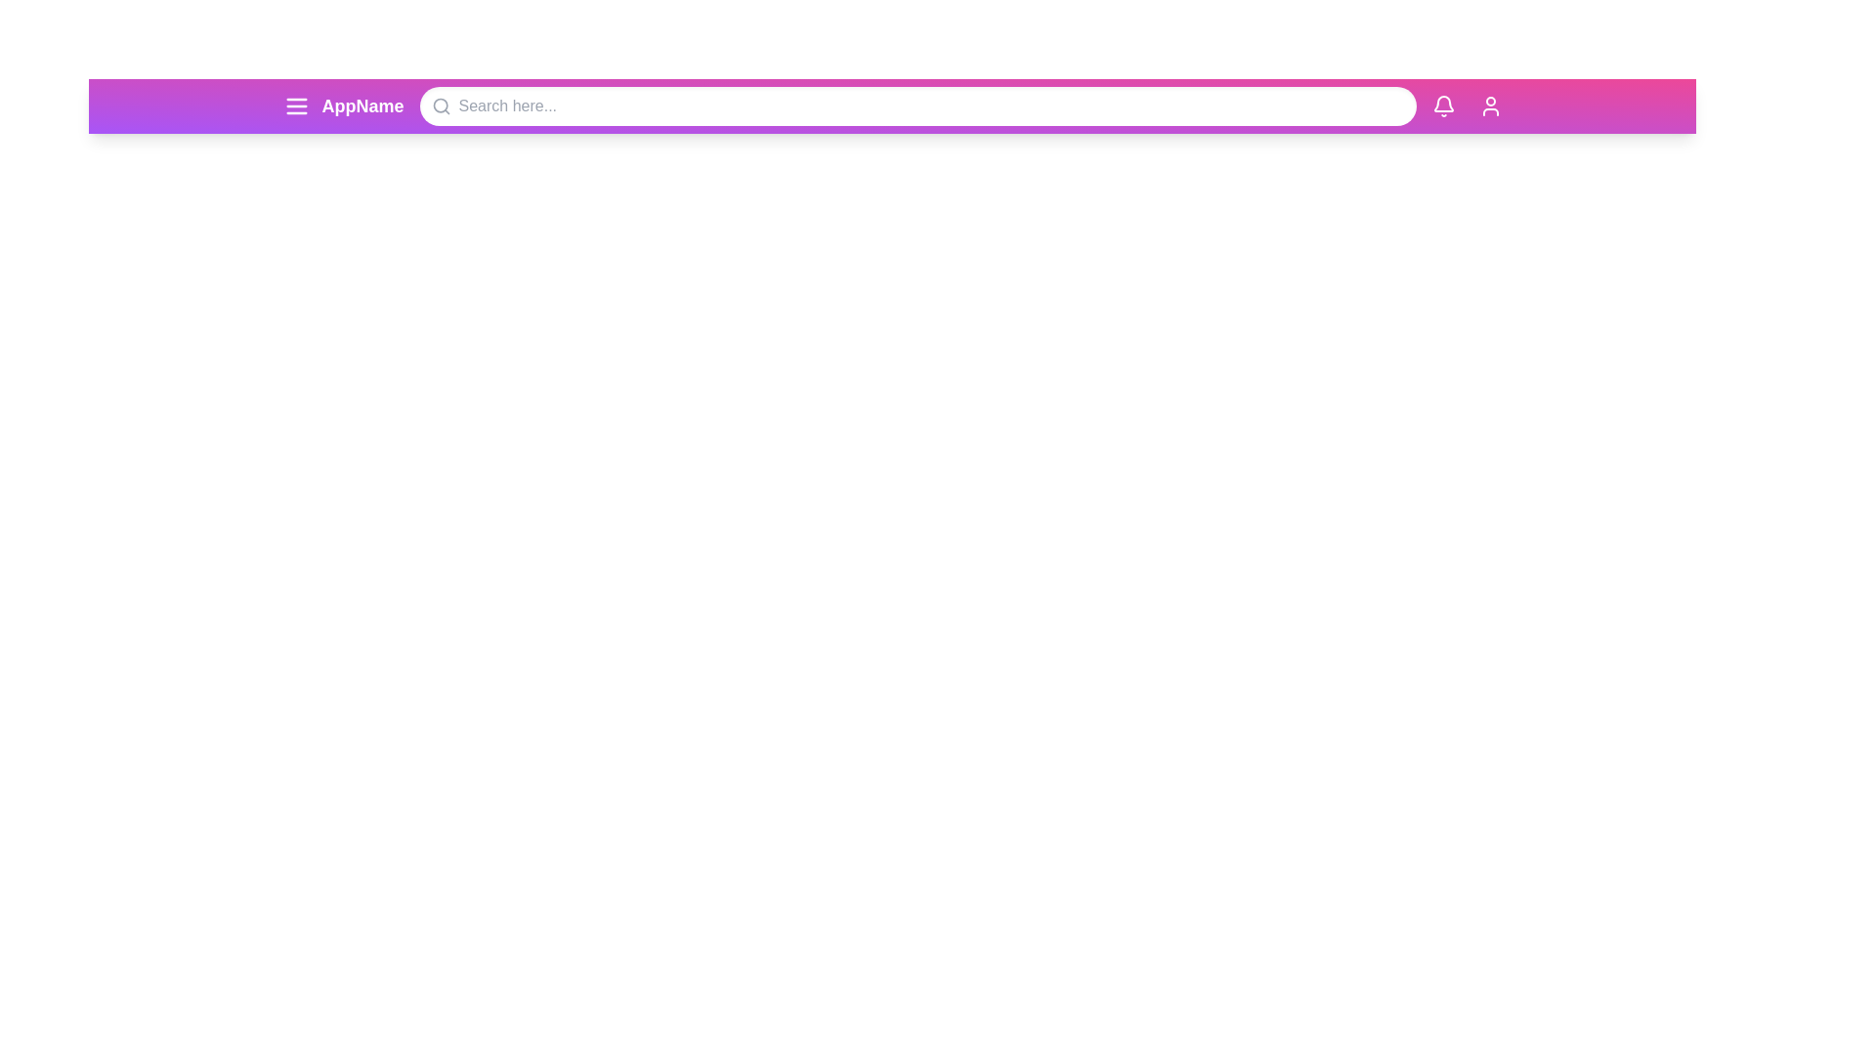 Image resolution: width=1876 pixels, height=1055 pixels. What do you see at coordinates (1443, 105) in the screenshot?
I see `the notification icon` at bounding box center [1443, 105].